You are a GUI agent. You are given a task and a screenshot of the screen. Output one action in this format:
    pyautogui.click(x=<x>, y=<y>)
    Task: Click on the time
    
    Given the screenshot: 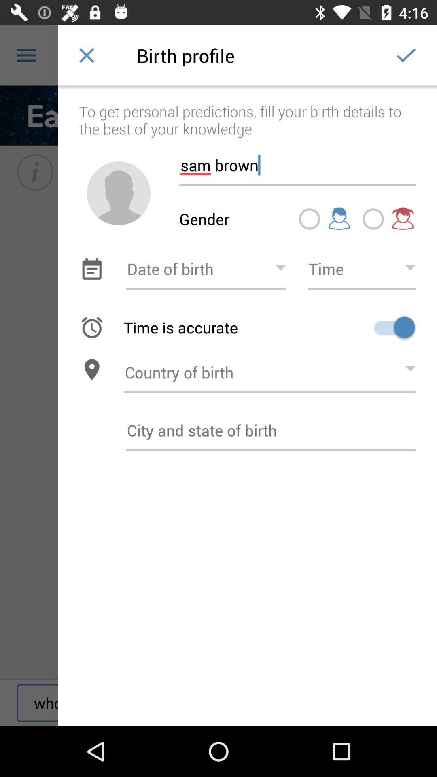 What is the action you would take?
    pyautogui.click(x=361, y=269)
    